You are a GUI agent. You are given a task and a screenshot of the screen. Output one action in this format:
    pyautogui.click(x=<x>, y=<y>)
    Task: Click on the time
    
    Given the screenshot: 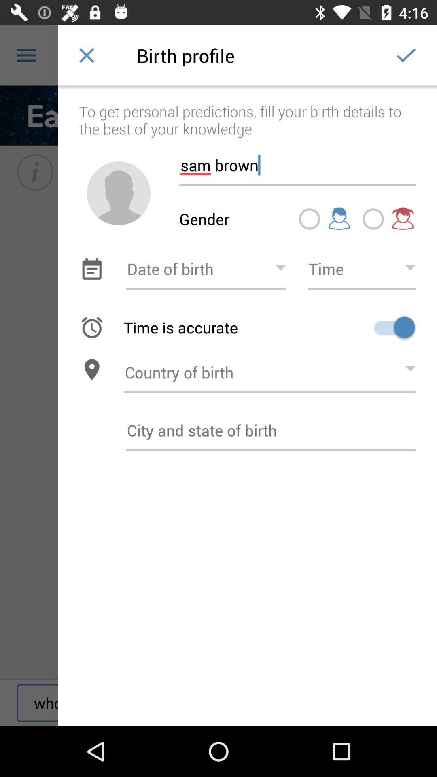 What is the action you would take?
    pyautogui.click(x=361, y=269)
    